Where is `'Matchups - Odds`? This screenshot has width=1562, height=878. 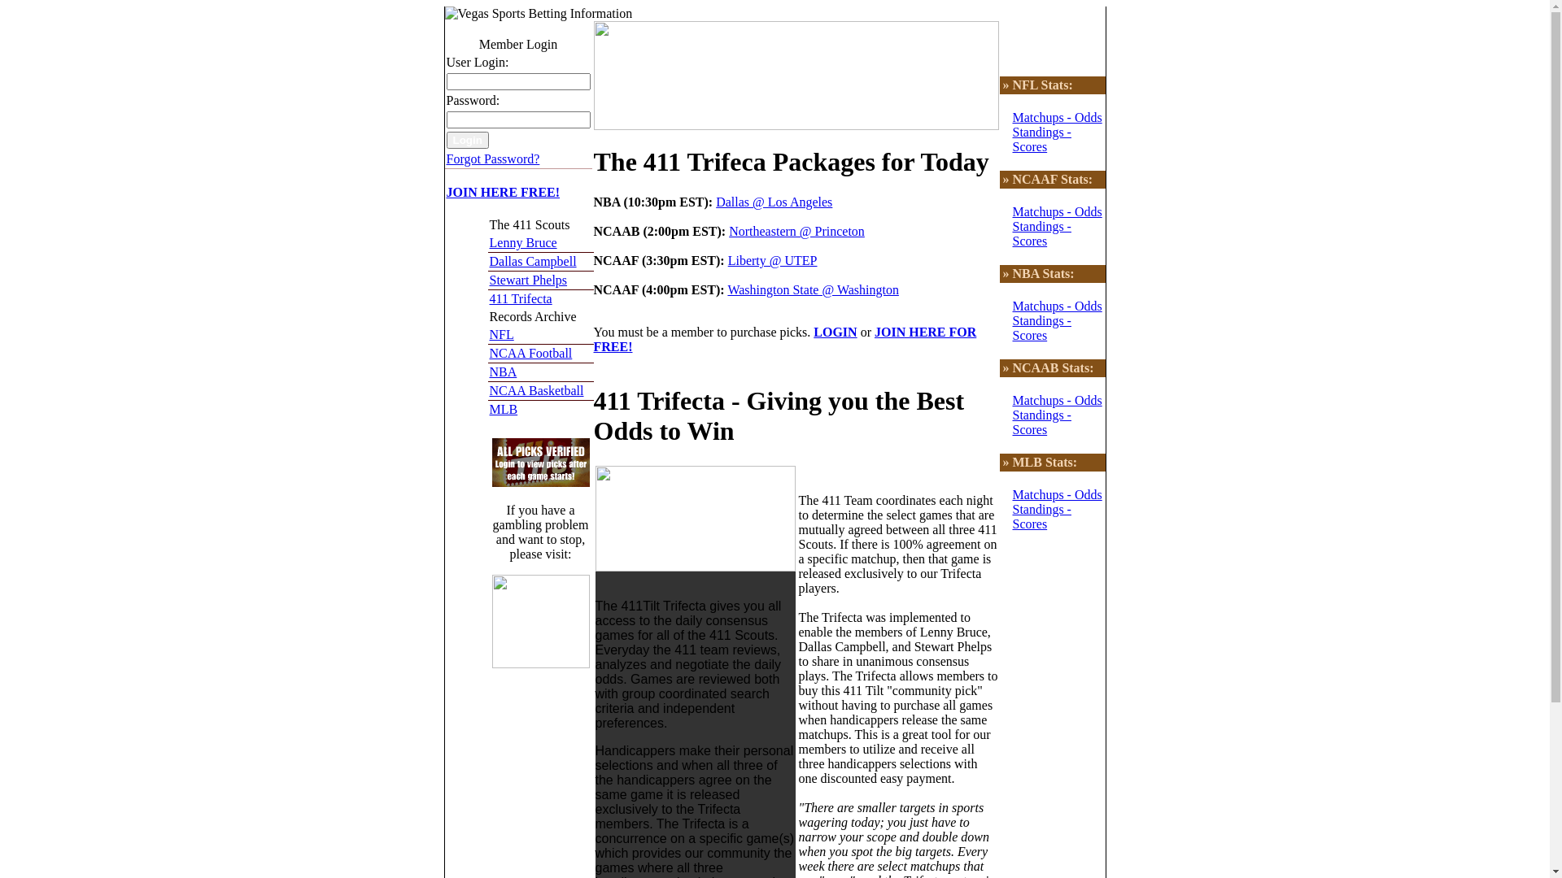
'Matchups - Odds is located at coordinates (1057, 138).